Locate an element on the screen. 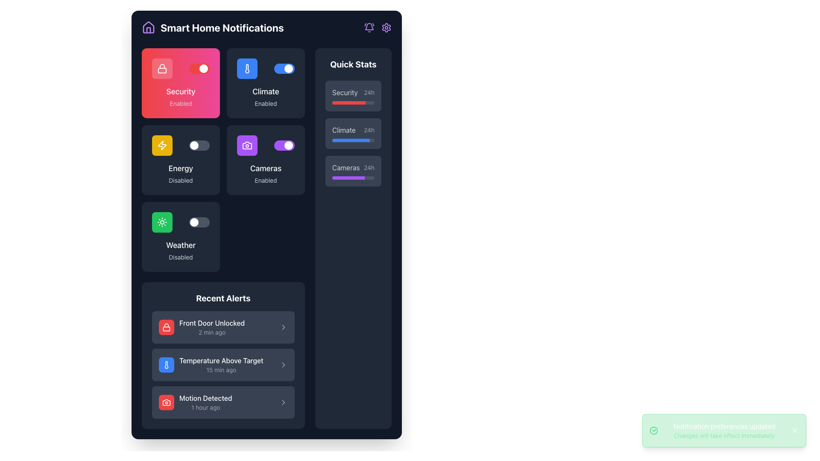 Image resolution: width=820 pixels, height=461 pixels. the success icon located in the bottom-right corner of the interface is located at coordinates (653, 431).